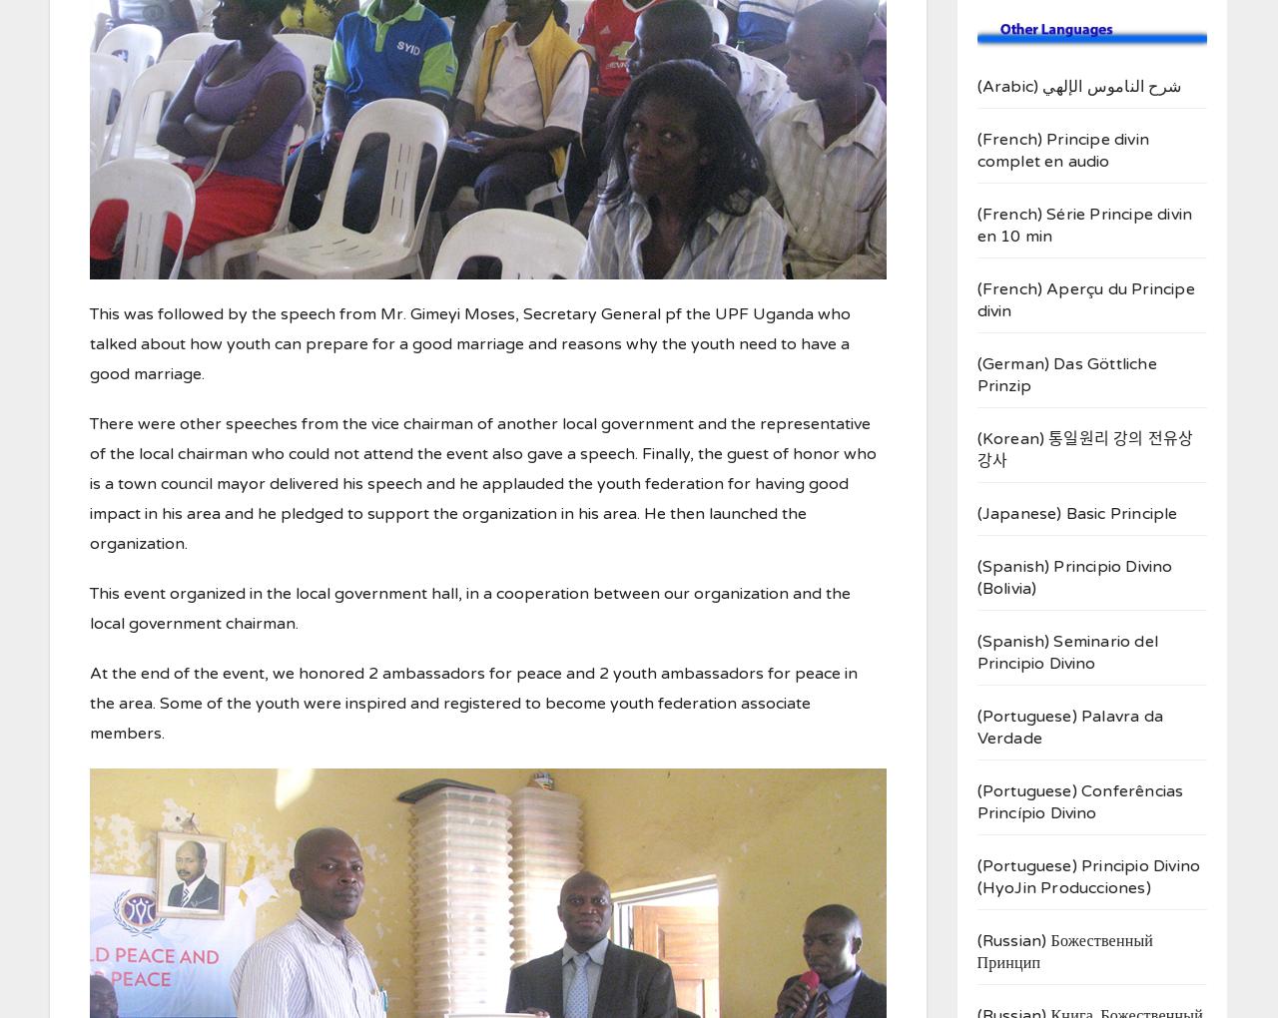  What do you see at coordinates (1078, 800) in the screenshot?
I see `'(Portuguese) Conferências Princípio Divino'` at bounding box center [1078, 800].